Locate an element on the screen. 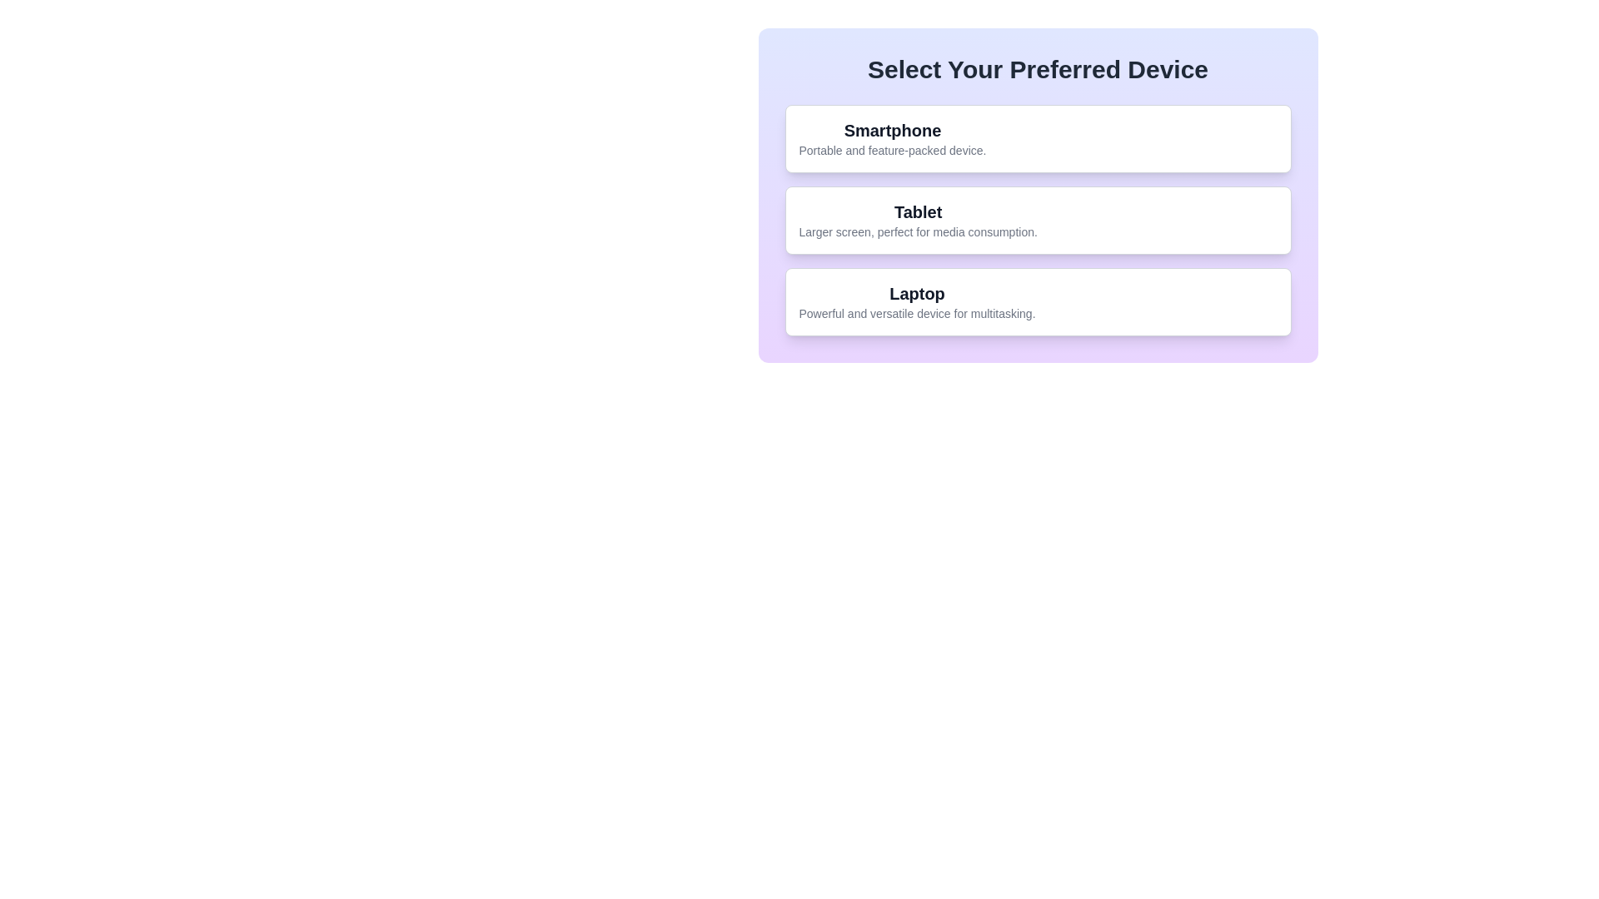 The height and width of the screenshot is (899, 1599). descriptive text of the 'Laptop' label which includes the title 'Laptop' and the description 'Powerful and versatile device for multitasking.' is located at coordinates (916, 301).